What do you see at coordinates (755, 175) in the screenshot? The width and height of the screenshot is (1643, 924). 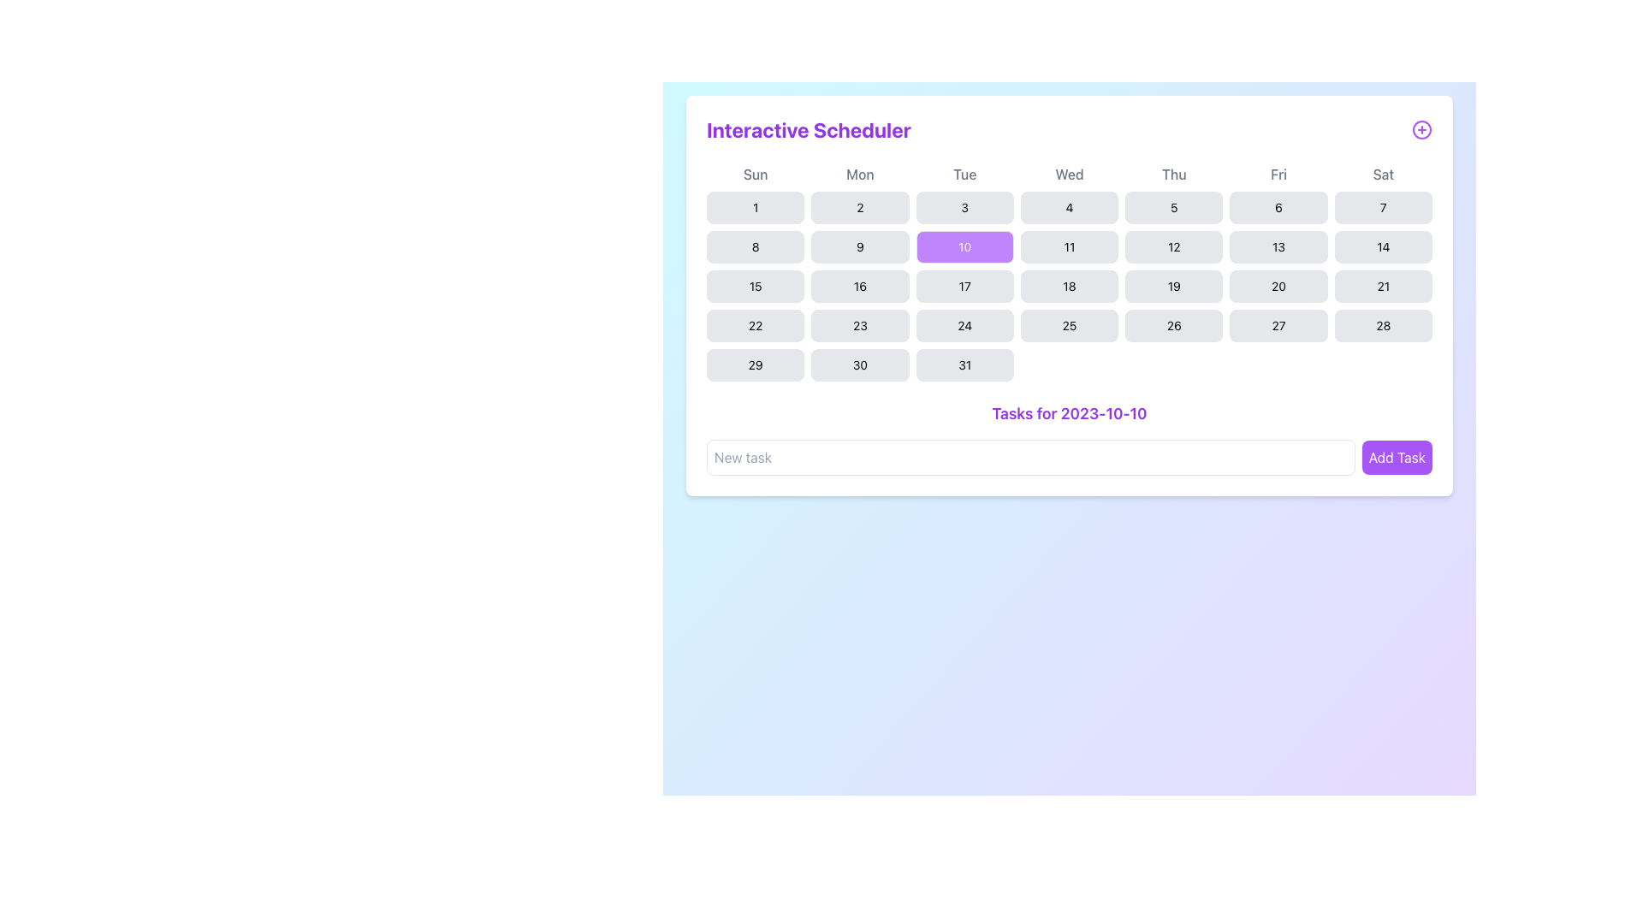 I see `the text label displaying 'Sun' in gray font, located at the top-left section of the calendar grid, above the numerical buttons for calendar dates` at bounding box center [755, 175].